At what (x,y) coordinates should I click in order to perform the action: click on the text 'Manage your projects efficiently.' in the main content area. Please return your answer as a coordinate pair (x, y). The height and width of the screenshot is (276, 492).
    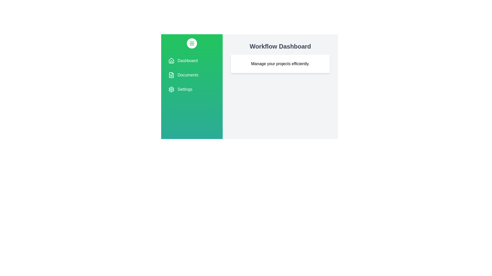
    Looking at the image, I should click on (280, 64).